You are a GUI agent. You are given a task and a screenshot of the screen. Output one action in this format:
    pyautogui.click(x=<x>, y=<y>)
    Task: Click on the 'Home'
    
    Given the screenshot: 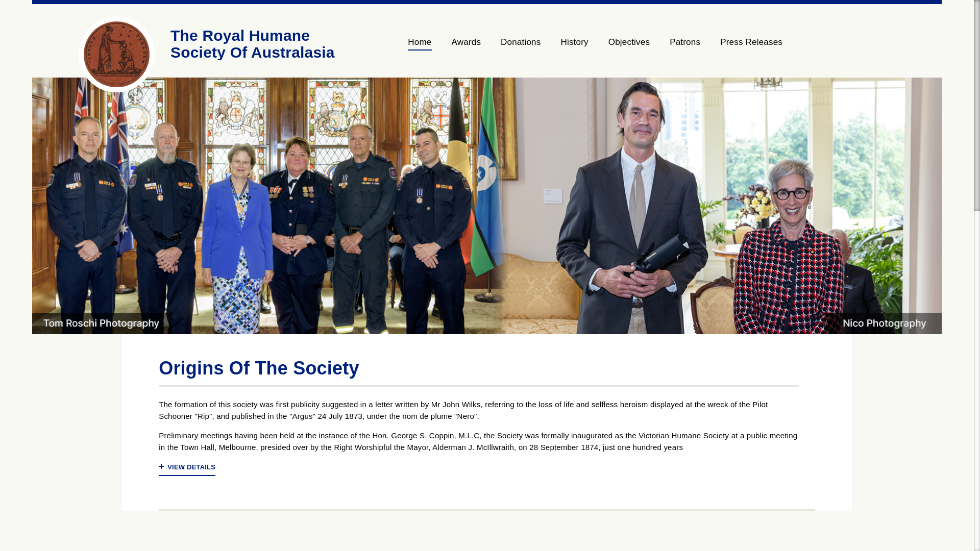 What is the action you would take?
    pyautogui.click(x=424, y=46)
    